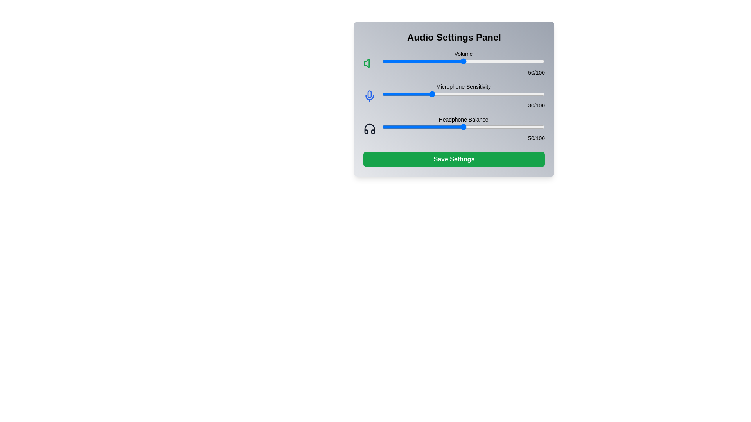 Image resolution: width=751 pixels, height=422 pixels. I want to click on microphone sensitivity, so click(419, 93).